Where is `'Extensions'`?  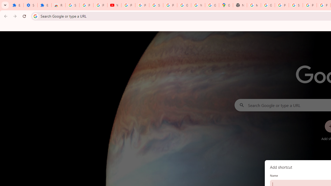
'Extensions' is located at coordinates (44, 5).